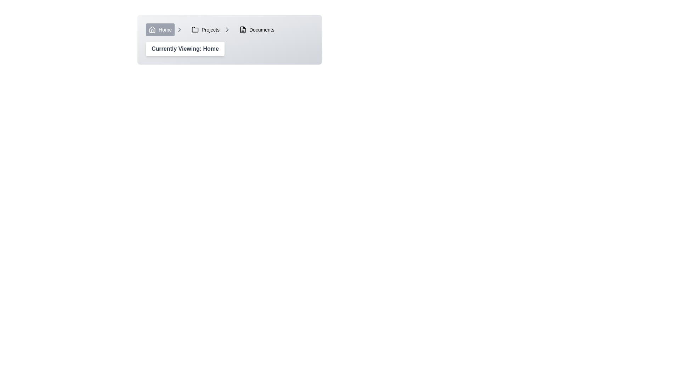 Image resolution: width=680 pixels, height=383 pixels. What do you see at coordinates (210, 29) in the screenshot?
I see `the breadcrumb navigation label for 'Projects', which helps users identify their current navigation context` at bounding box center [210, 29].